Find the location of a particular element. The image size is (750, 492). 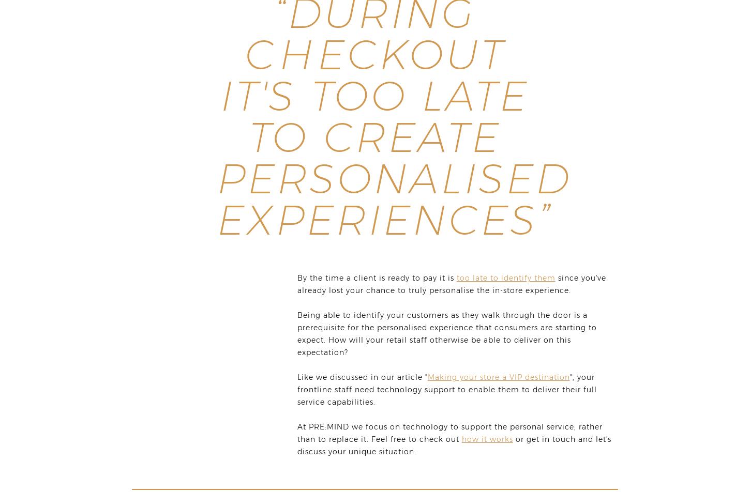

'By the time a client is ready to pay it is' is located at coordinates (377, 278).